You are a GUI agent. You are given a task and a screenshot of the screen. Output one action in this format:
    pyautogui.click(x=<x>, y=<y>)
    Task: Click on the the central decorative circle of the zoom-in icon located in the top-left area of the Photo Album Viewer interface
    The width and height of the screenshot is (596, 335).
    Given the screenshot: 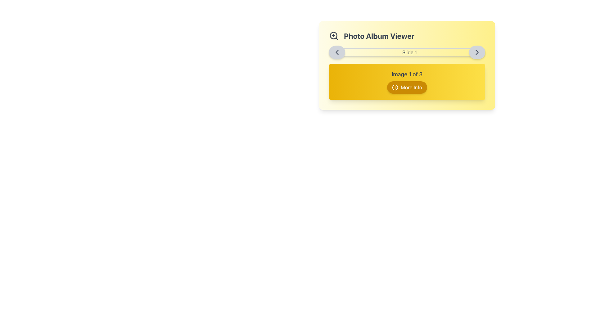 What is the action you would take?
    pyautogui.click(x=333, y=35)
    